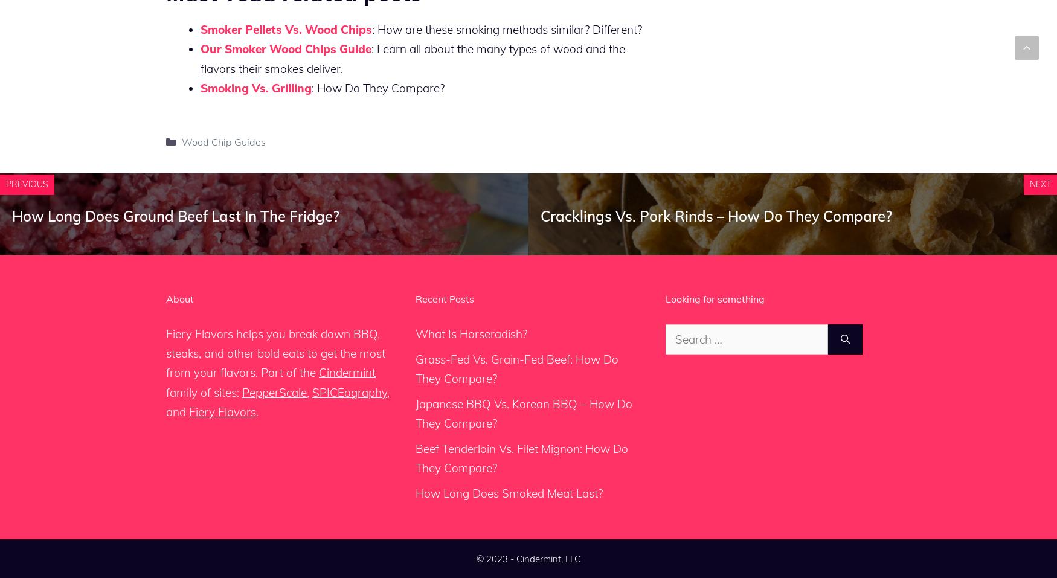 The width and height of the screenshot is (1057, 578). I want to click on 'Fiery Flavors', so click(222, 411).